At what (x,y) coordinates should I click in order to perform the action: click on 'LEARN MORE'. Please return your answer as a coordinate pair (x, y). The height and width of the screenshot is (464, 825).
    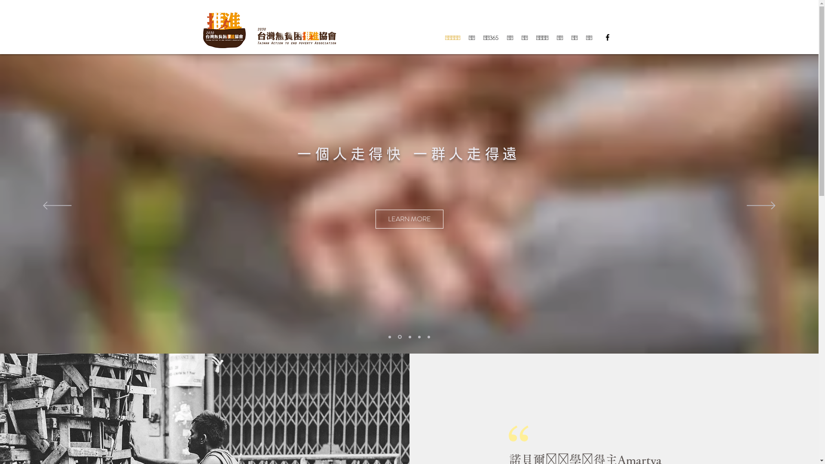
    Looking at the image, I should click on (432, 218).